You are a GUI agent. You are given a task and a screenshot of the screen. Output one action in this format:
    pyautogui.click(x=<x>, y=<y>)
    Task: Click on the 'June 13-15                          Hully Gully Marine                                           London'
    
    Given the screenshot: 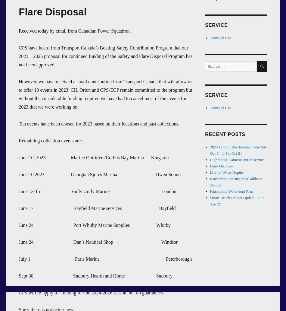 What is the action you would take?
    pyautogui.click(x=97, y=191)
    